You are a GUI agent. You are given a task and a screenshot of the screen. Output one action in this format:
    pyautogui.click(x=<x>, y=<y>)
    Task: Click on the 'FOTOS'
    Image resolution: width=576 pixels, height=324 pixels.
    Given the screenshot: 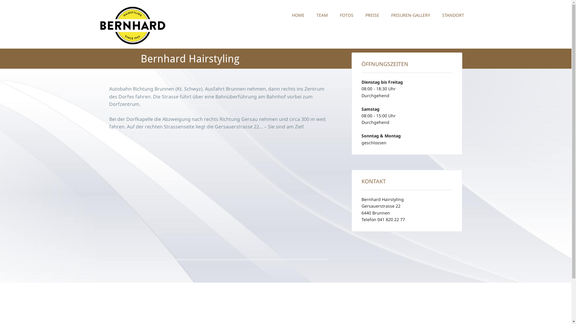 What is the action you would take?
    pyautogui.click(x=346, y=15)
    